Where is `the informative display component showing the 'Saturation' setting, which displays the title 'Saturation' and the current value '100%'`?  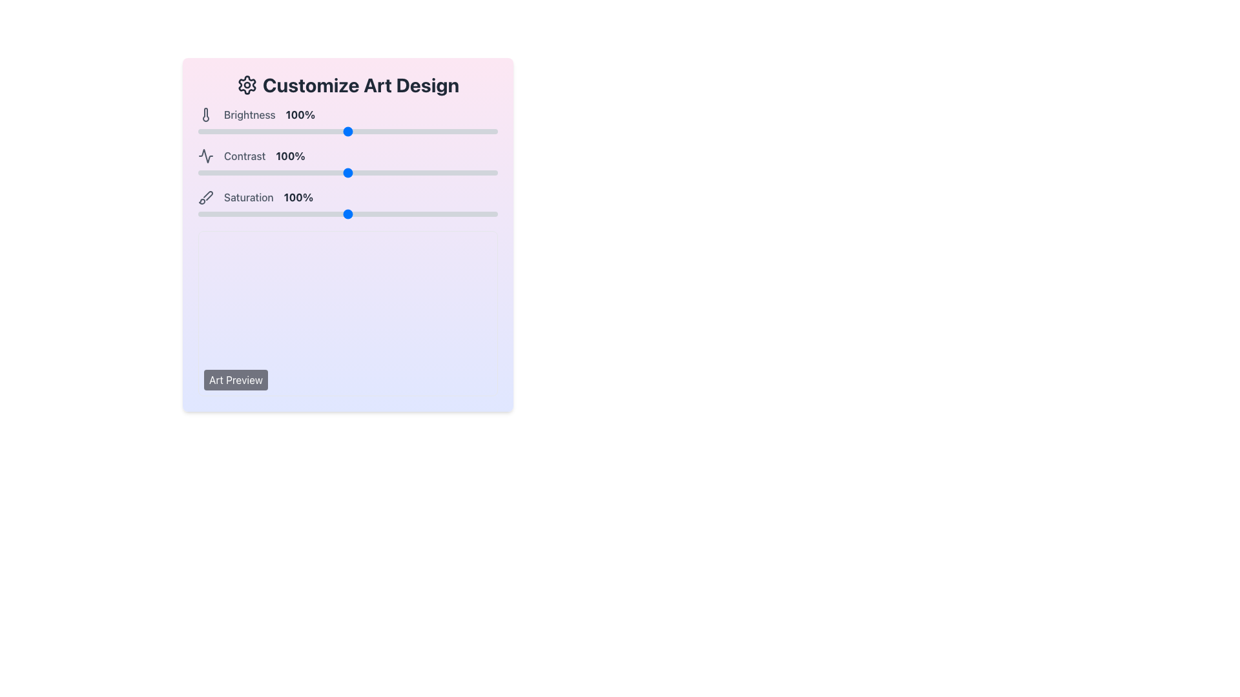
the informative display component showing the 'Saturation' setting, which displays the title 'Saturation' and the current value '100%' is located at coordinates (347, 197).